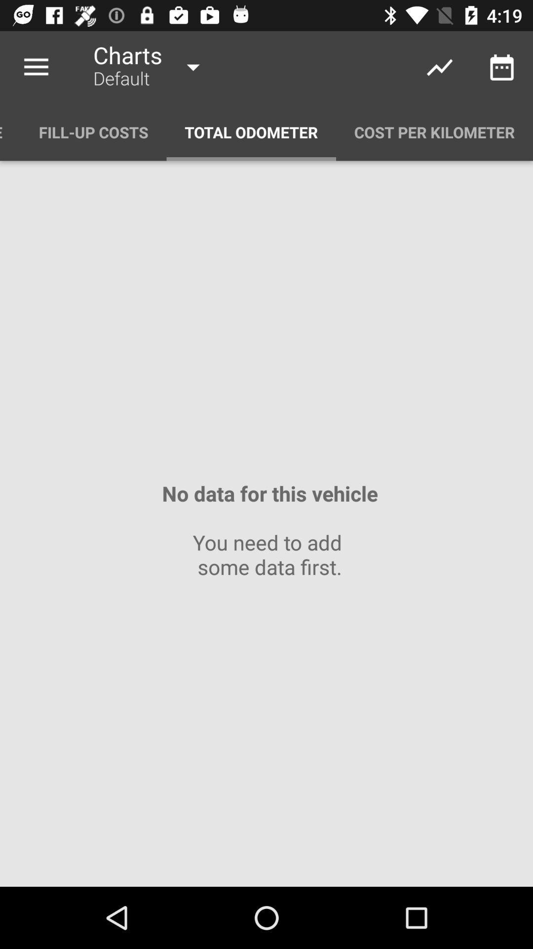  Describe the element at coordinates (93, 131) in the screenshot. I see `item above no data for` at that location.